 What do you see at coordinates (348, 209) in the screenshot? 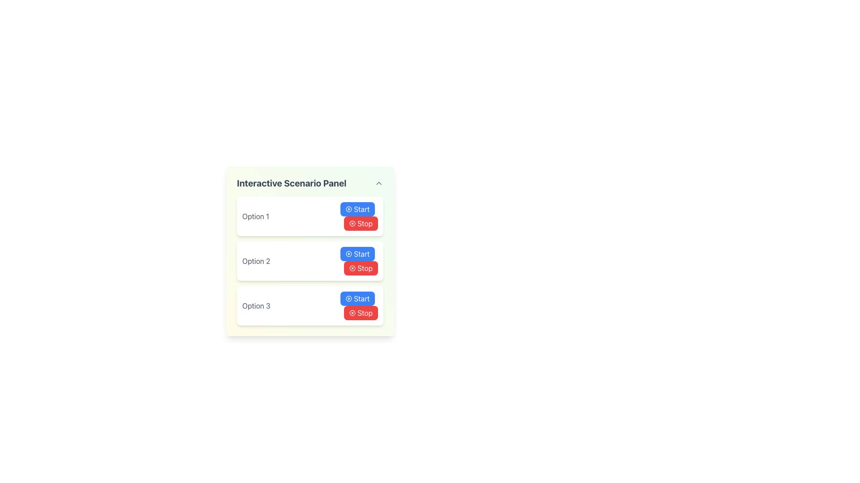
I see `the SVG Circle Element, which is a graphical part of a symbol representing a playback or status action button, located near the top right corner of the interactive option labeled as Option 1` at bounding box center [348, 209].